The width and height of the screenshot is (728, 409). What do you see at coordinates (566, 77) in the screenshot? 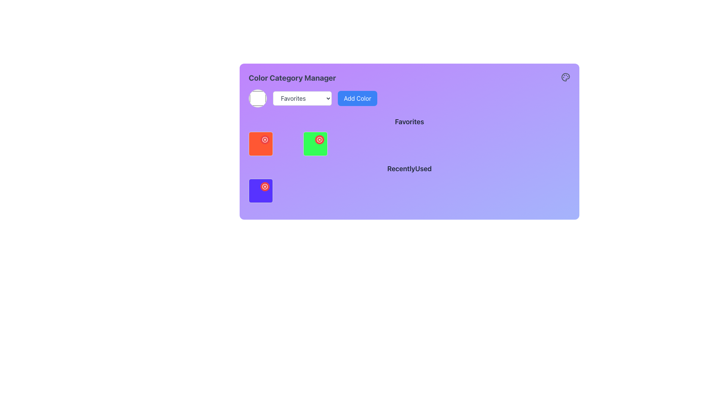
I see `the circular palette icon located in the top-right corner of the 'Color Category Manager' panel, which features dots indicating paint colors` at bounding box center [566, 77].